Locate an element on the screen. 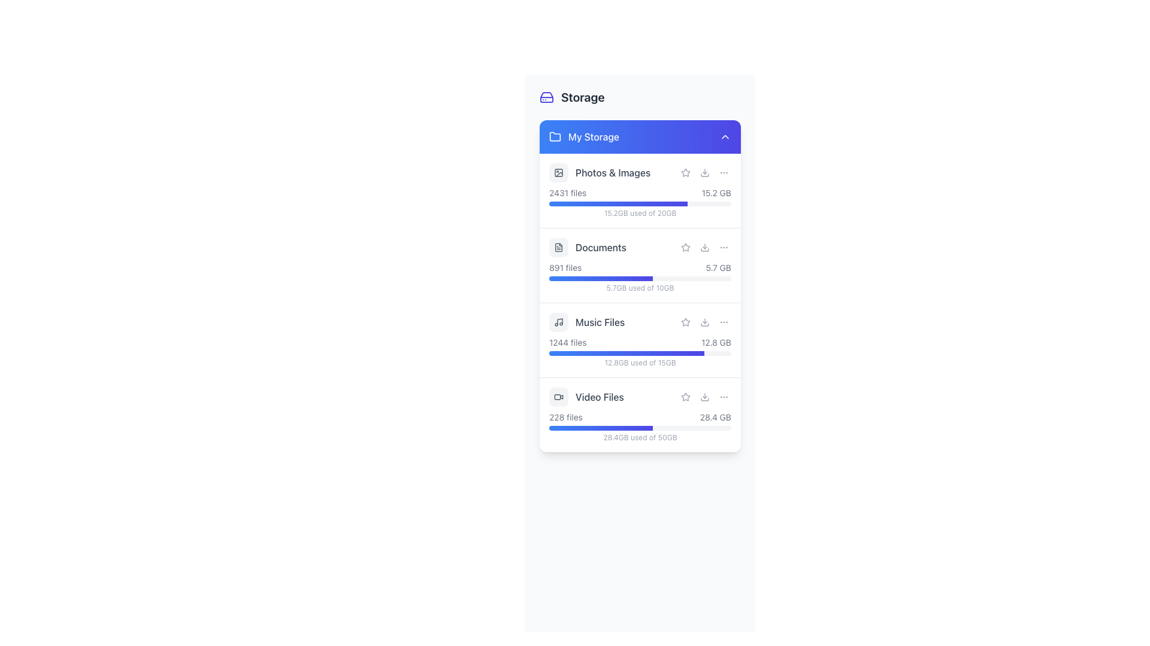 The height and width of the screenshot is (646, 1150). the folder icon with a blue outline located in the header section of the 'My Storage' area, which is the first item to the left of the 'My Storage' text label is located at coordinates (554, 136).